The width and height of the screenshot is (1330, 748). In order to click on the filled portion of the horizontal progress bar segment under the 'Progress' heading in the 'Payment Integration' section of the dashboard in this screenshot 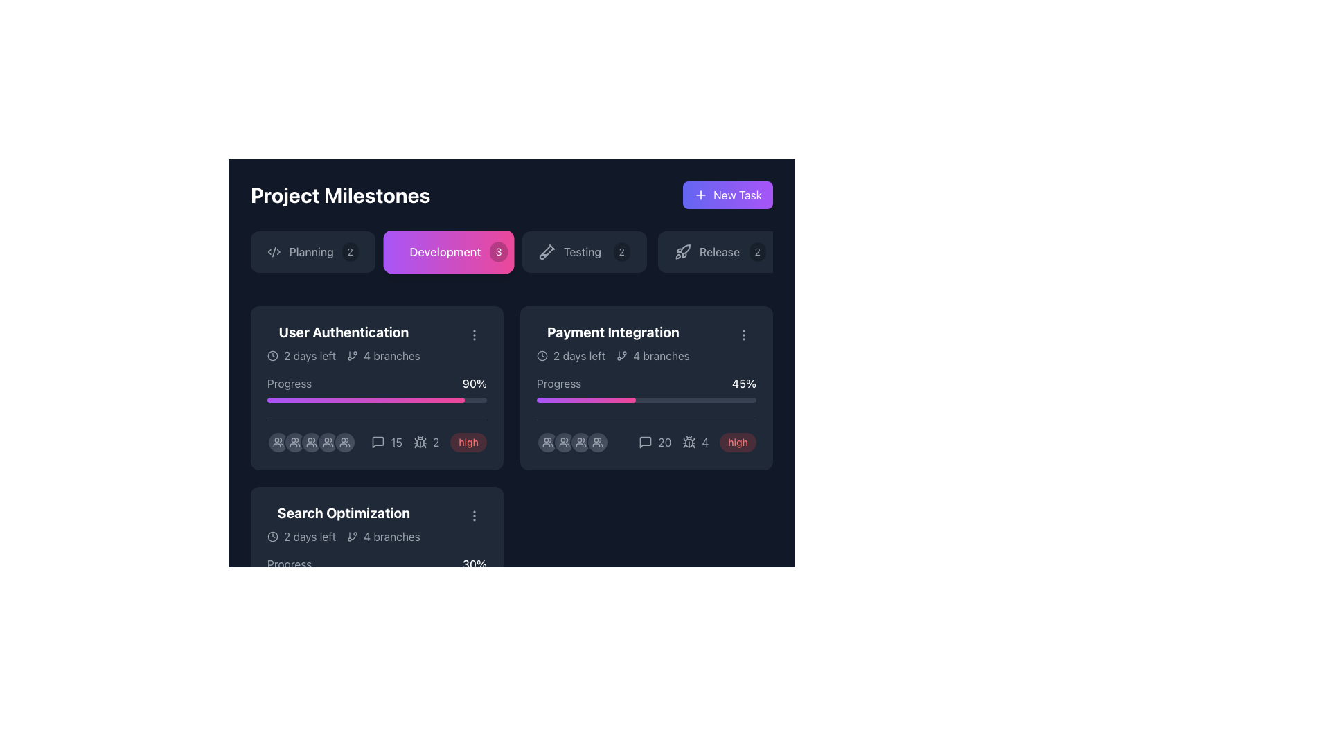, I will do `click(586, 400)`.